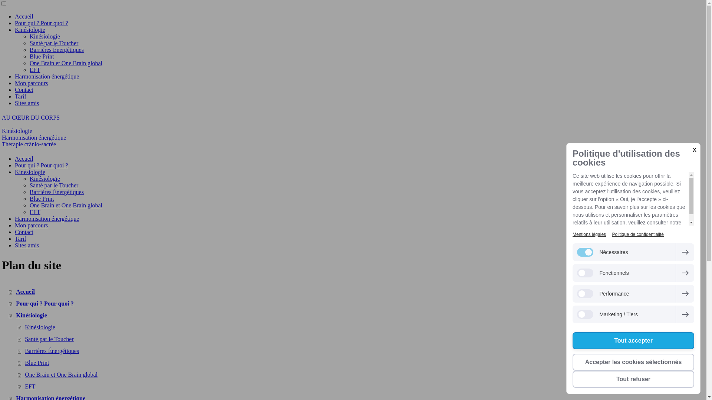 This screenshot has width=712, height=400. I want to click on 'Blue Print', so click(18, 362).